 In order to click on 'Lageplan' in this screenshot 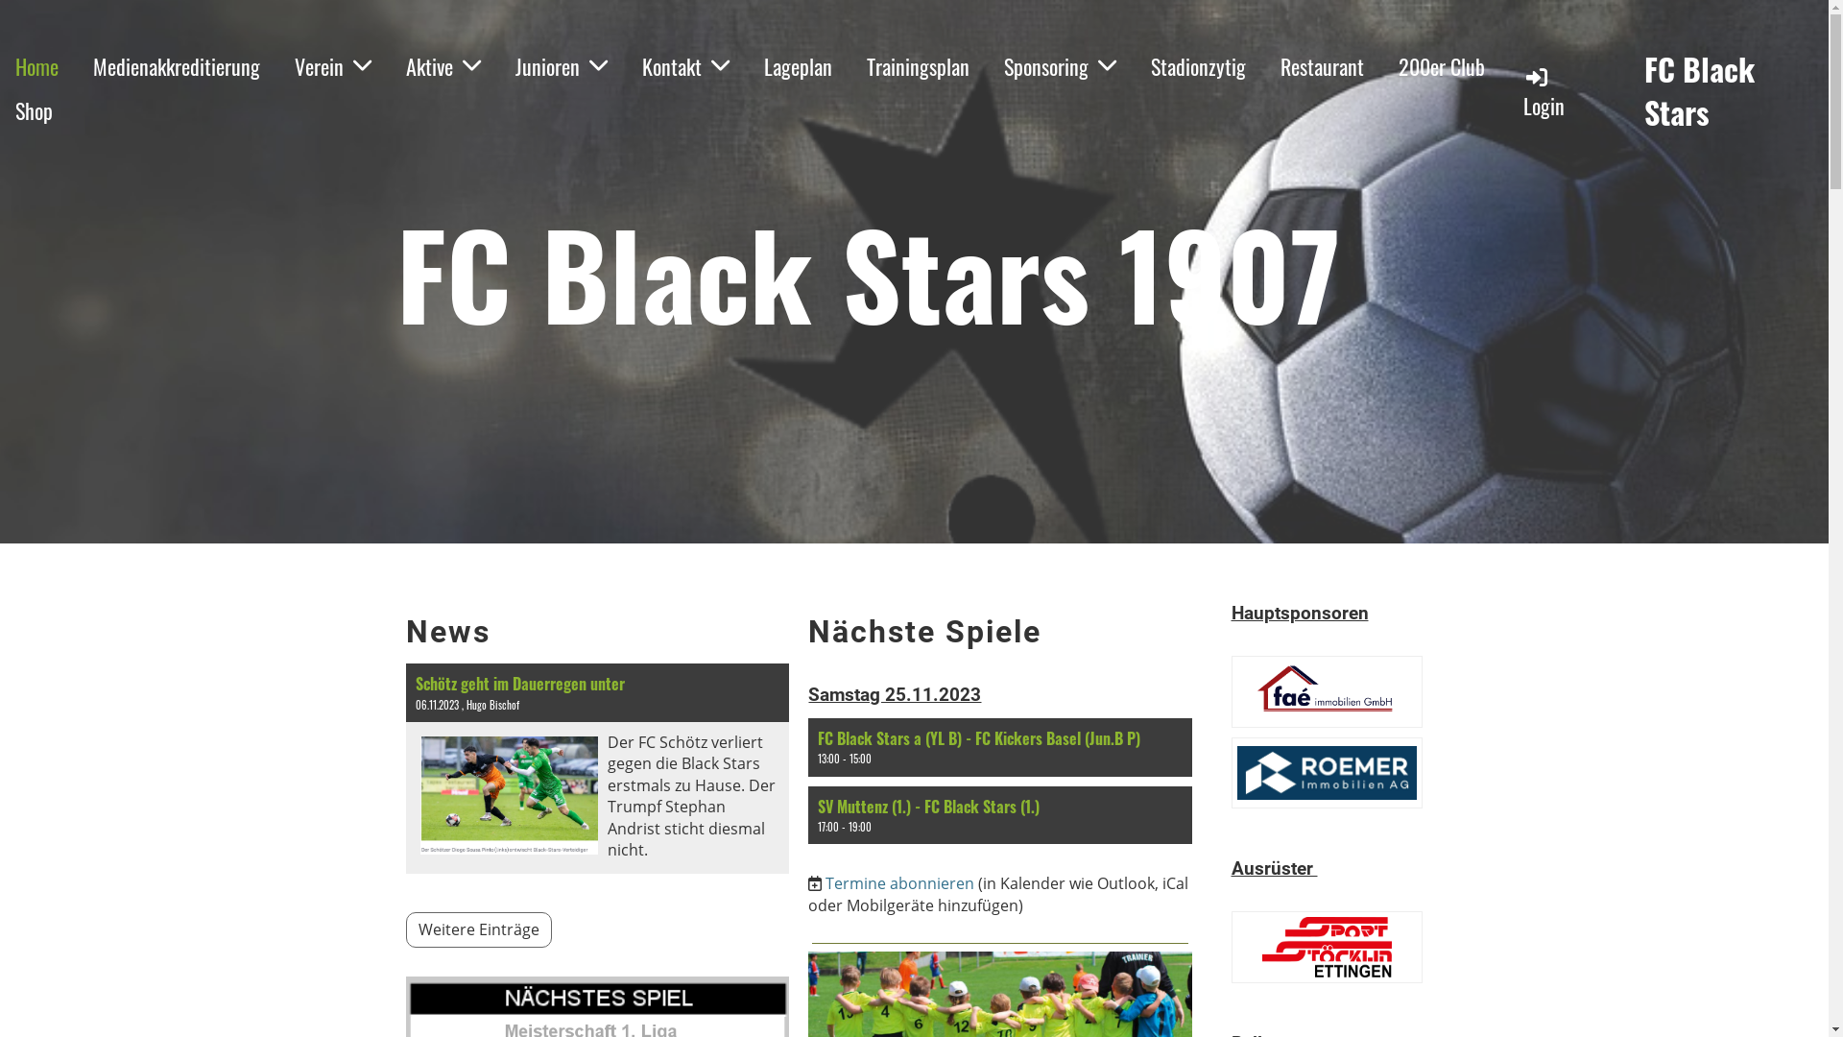, I will do `click(798, 65)`.